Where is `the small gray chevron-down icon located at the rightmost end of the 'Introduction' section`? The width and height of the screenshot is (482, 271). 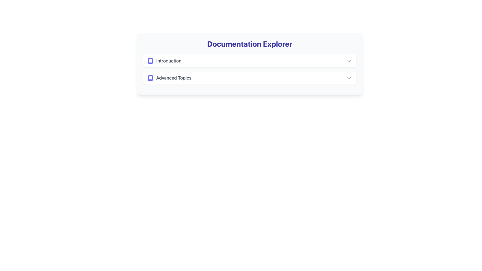
the small gray chevron-down icon located at the rightmost end of the 'Introduction' section is located at coordinates (349, 61).